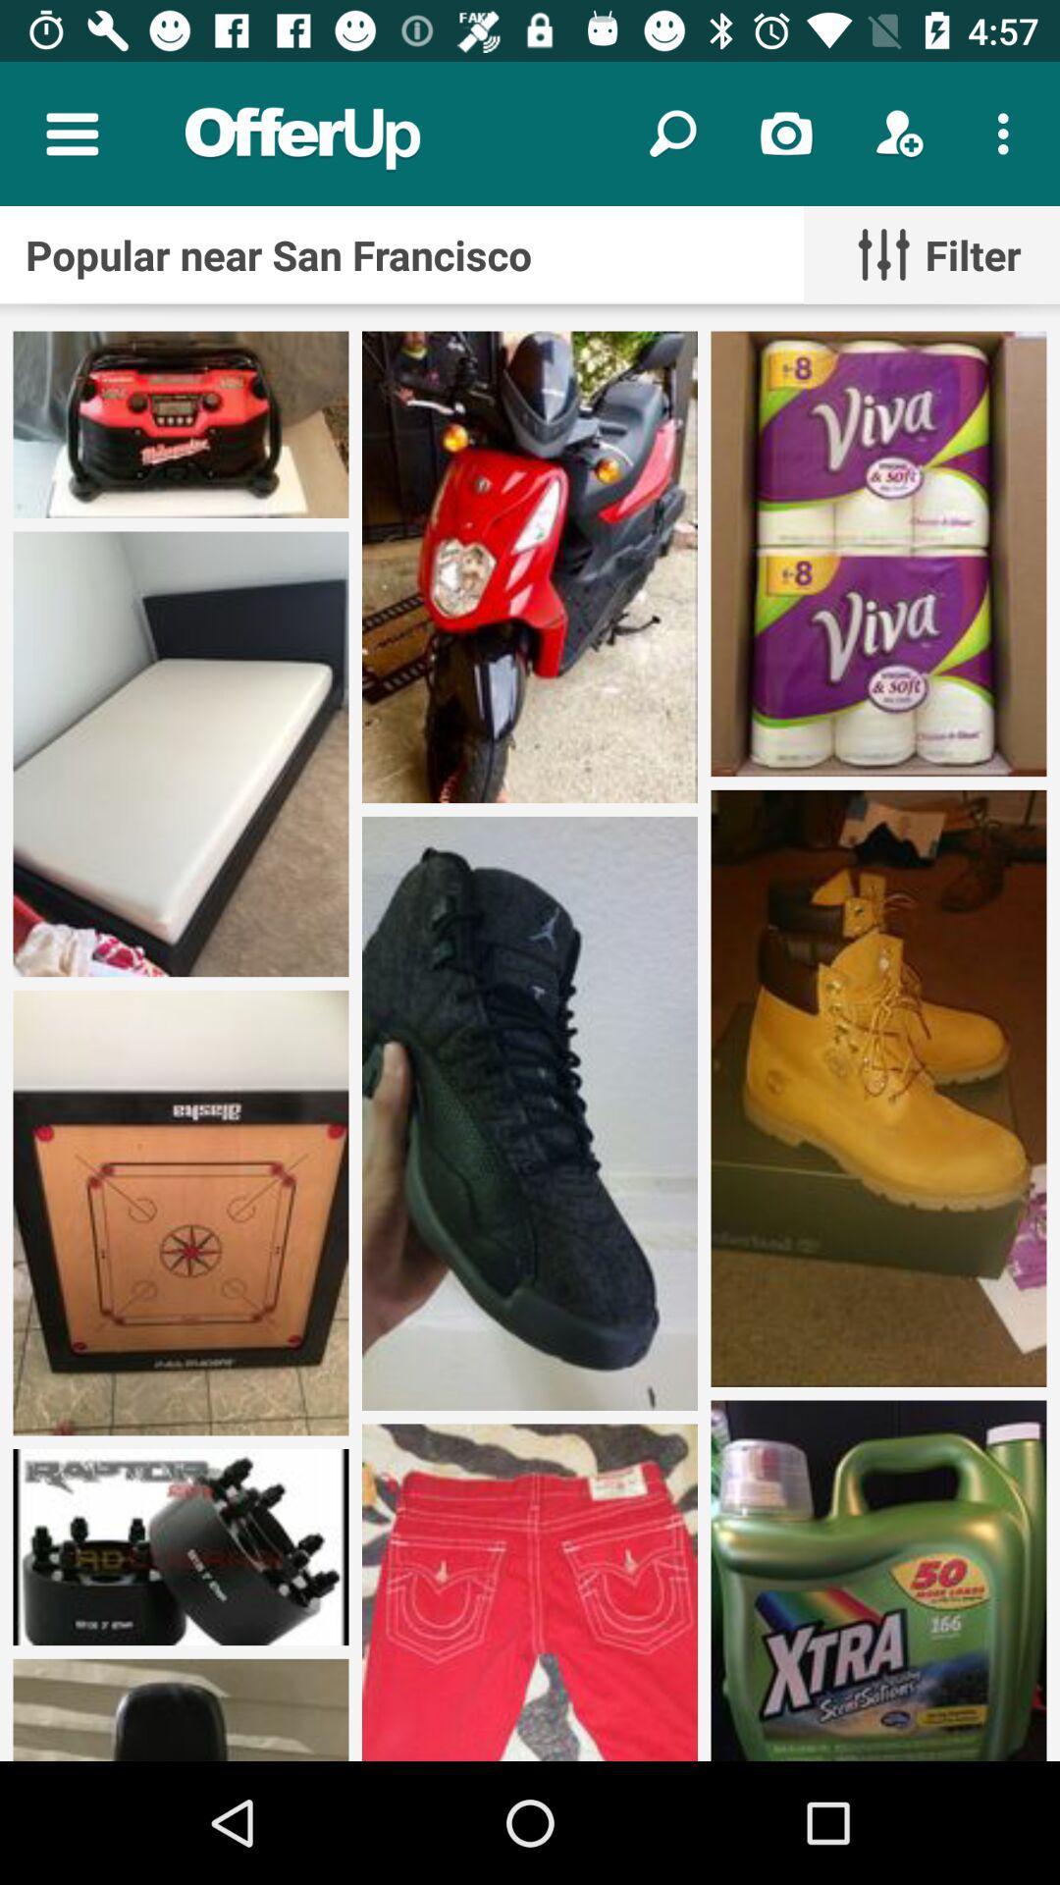  What do you see at coordinates (182, 753) in the screenshot?
I see `the image which is immediately above carrom board image` at bounding box center [182, 753].